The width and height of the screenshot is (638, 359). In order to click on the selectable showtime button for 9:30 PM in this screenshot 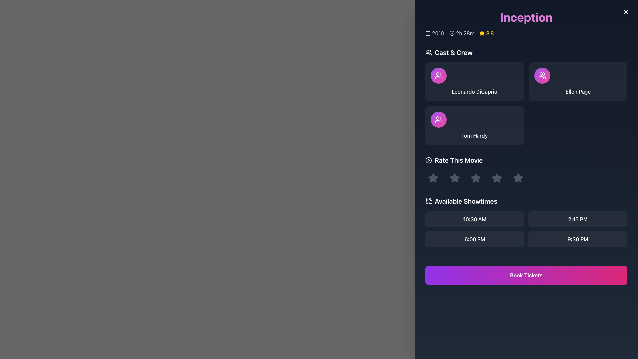, I will do `click(577, 239)`.